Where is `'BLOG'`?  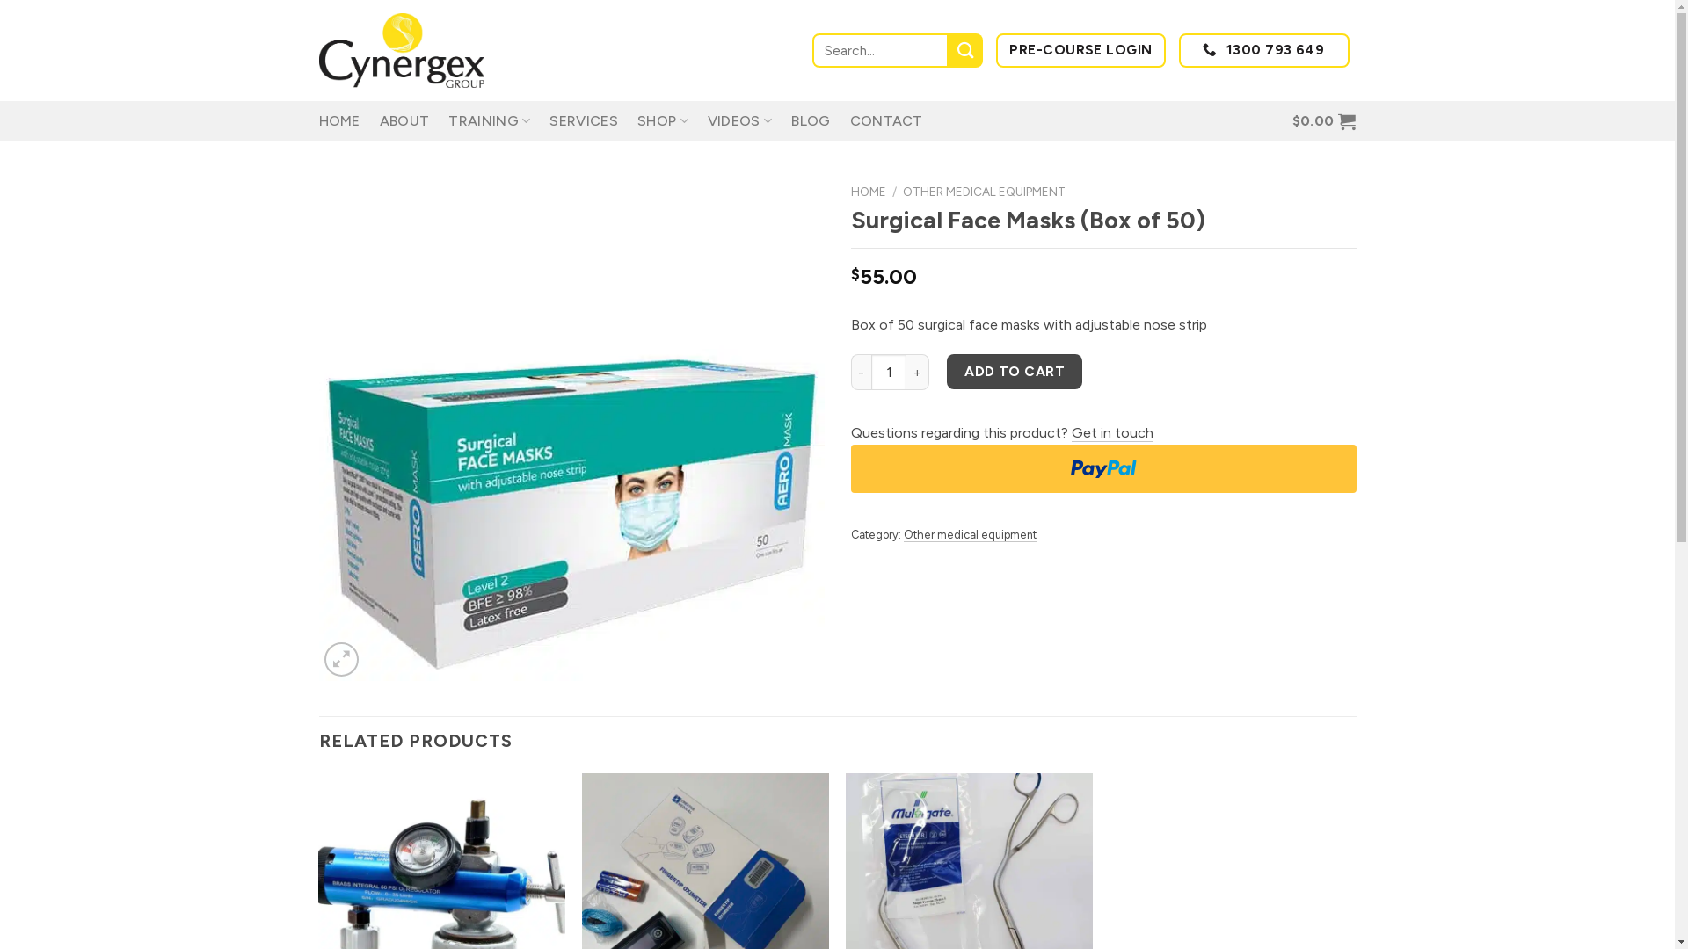 'BLOG' is located at coordinates (809, 120).